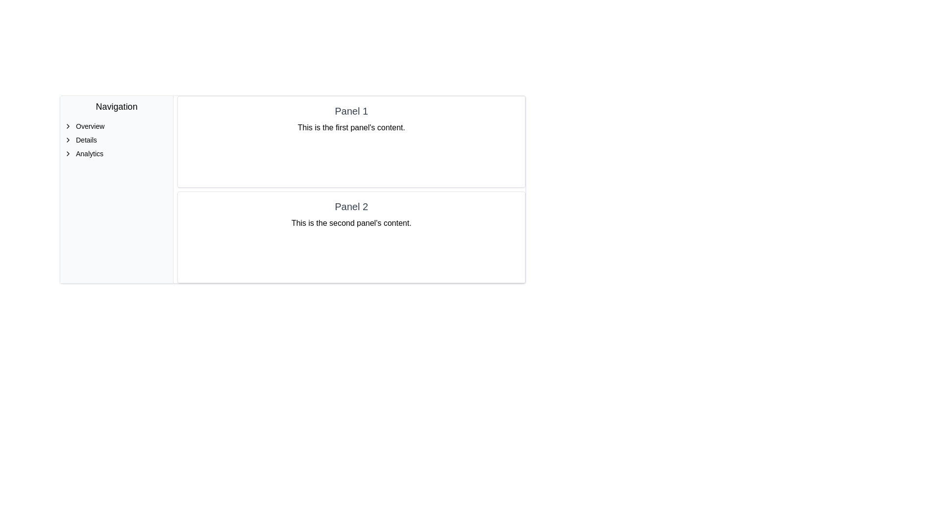 This screenshot has height=529, width=941. What do you see at coordinates (68, 153) in the screenshot?
I see `the Chevron icon pointing to the right, located to the left of the 'Analytics' text in the vertical navigation menu` at bounding box center [68, 153].